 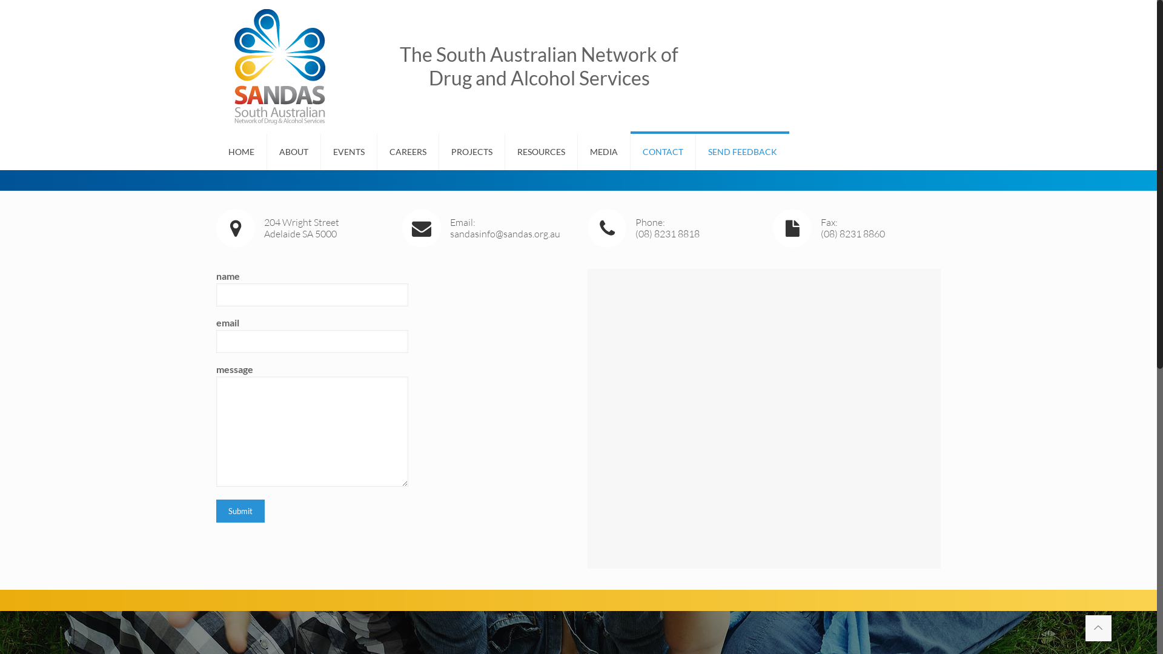 I want to click on 'HOME', so click(x=241, y=151).